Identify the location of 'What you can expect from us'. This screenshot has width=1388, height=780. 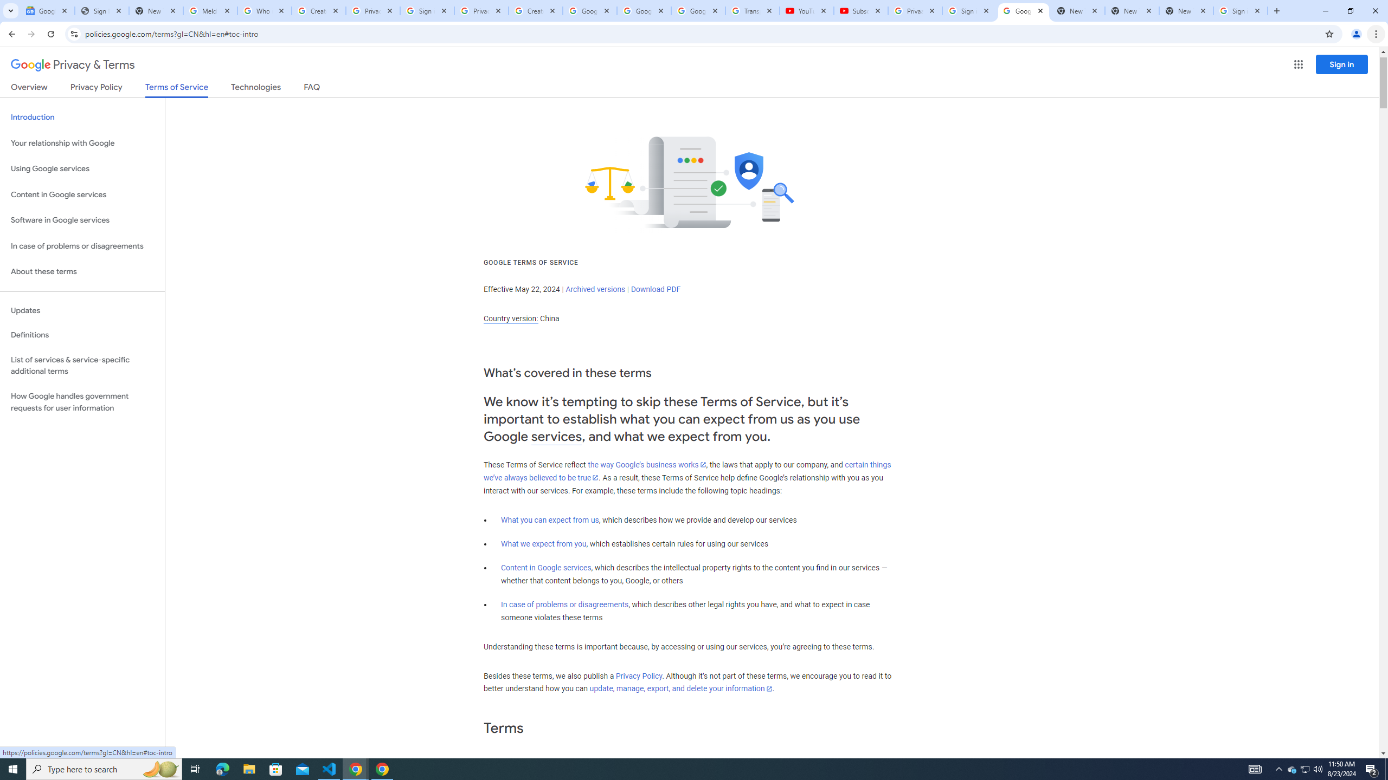
(550, 519).